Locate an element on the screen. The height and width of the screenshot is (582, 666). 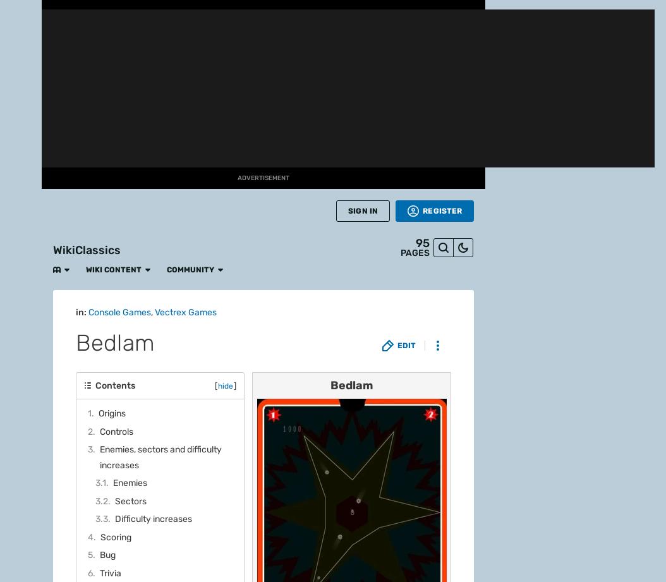
'Movies' is located at coordinates (20, 272).